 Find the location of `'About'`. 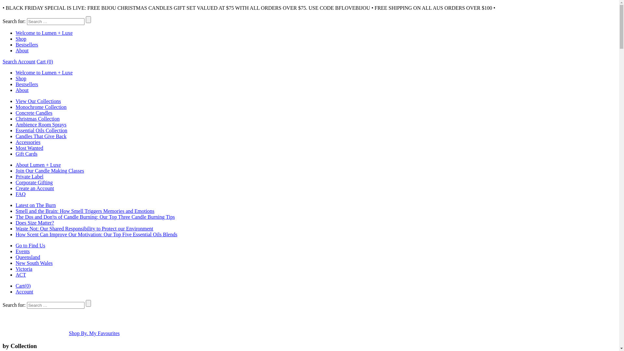

'About' is located at coordinates (22, 50).